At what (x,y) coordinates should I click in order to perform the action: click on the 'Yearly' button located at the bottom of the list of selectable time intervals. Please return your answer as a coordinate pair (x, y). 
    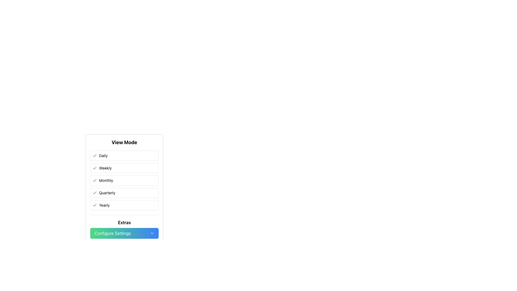
    Looking at the image, I should click on (124, 205).